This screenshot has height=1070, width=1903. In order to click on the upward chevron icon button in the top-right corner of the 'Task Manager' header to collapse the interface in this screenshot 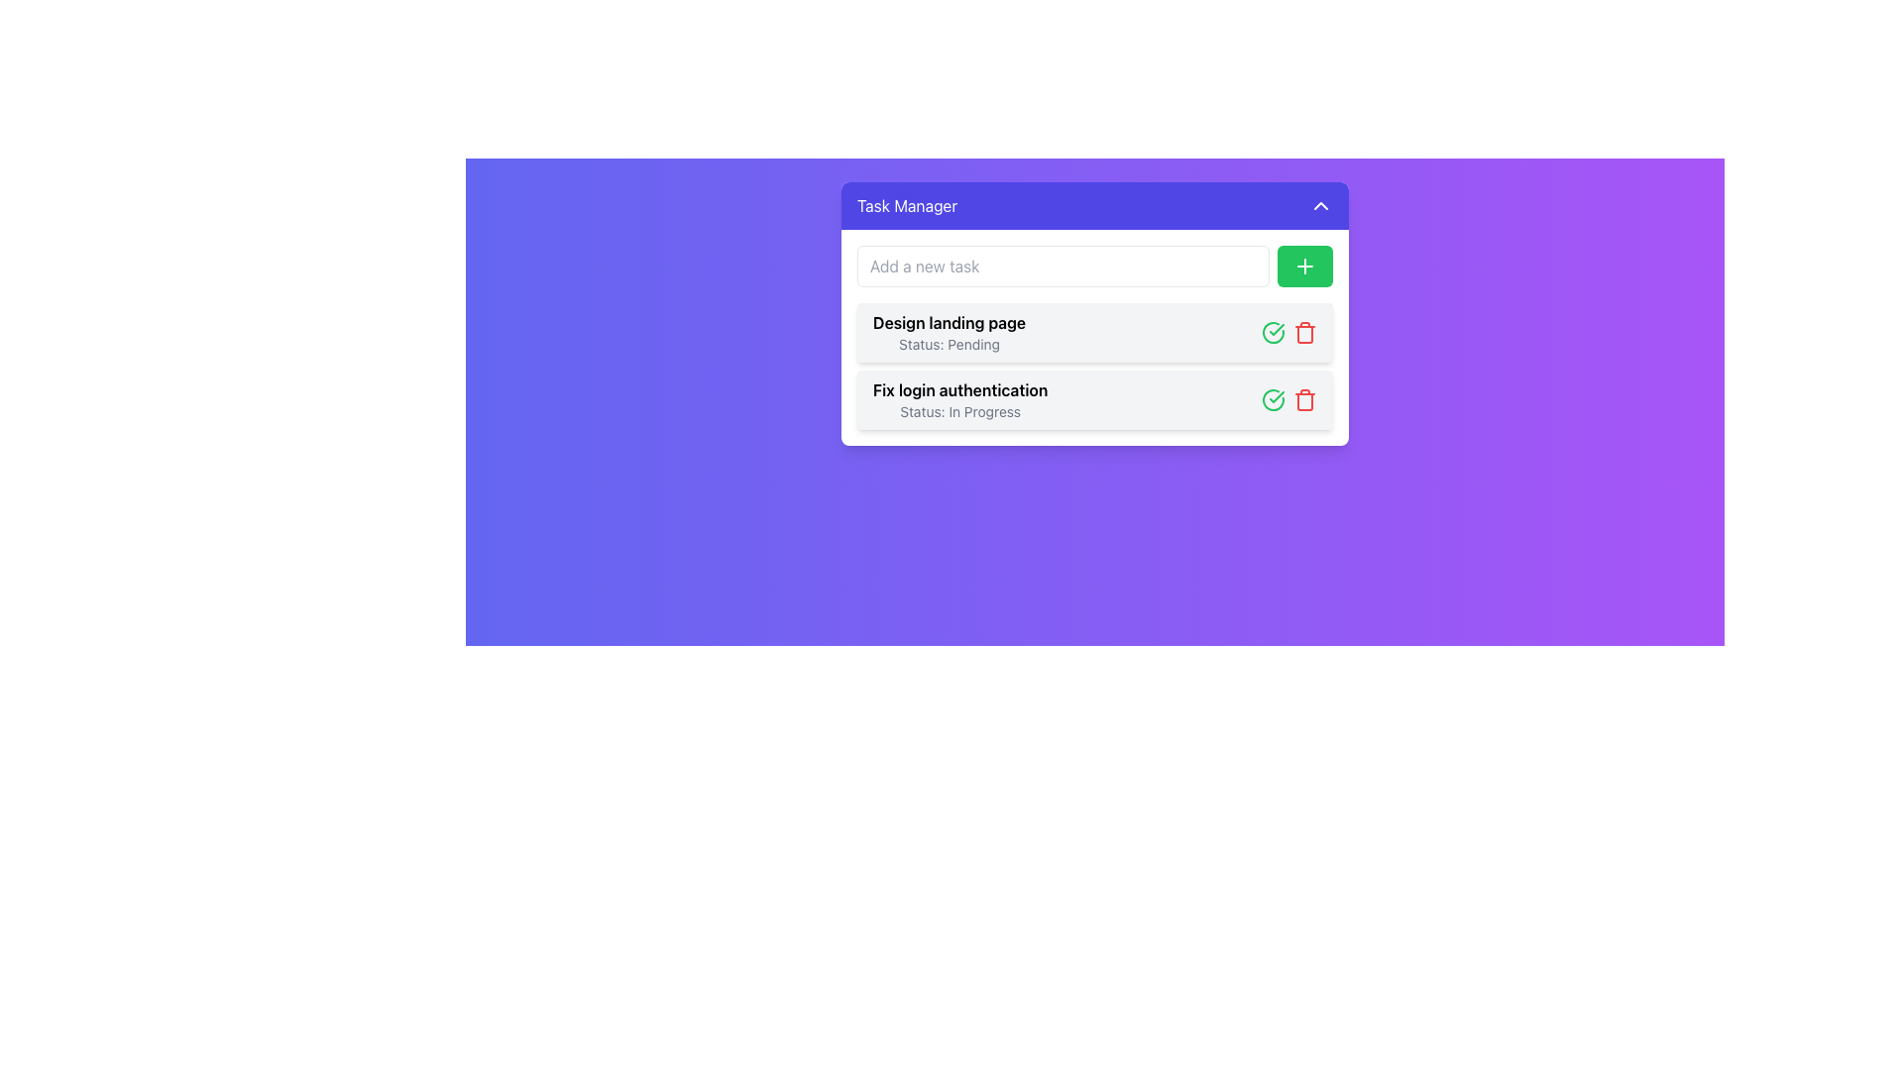, I will do `click(1321, 206)`.